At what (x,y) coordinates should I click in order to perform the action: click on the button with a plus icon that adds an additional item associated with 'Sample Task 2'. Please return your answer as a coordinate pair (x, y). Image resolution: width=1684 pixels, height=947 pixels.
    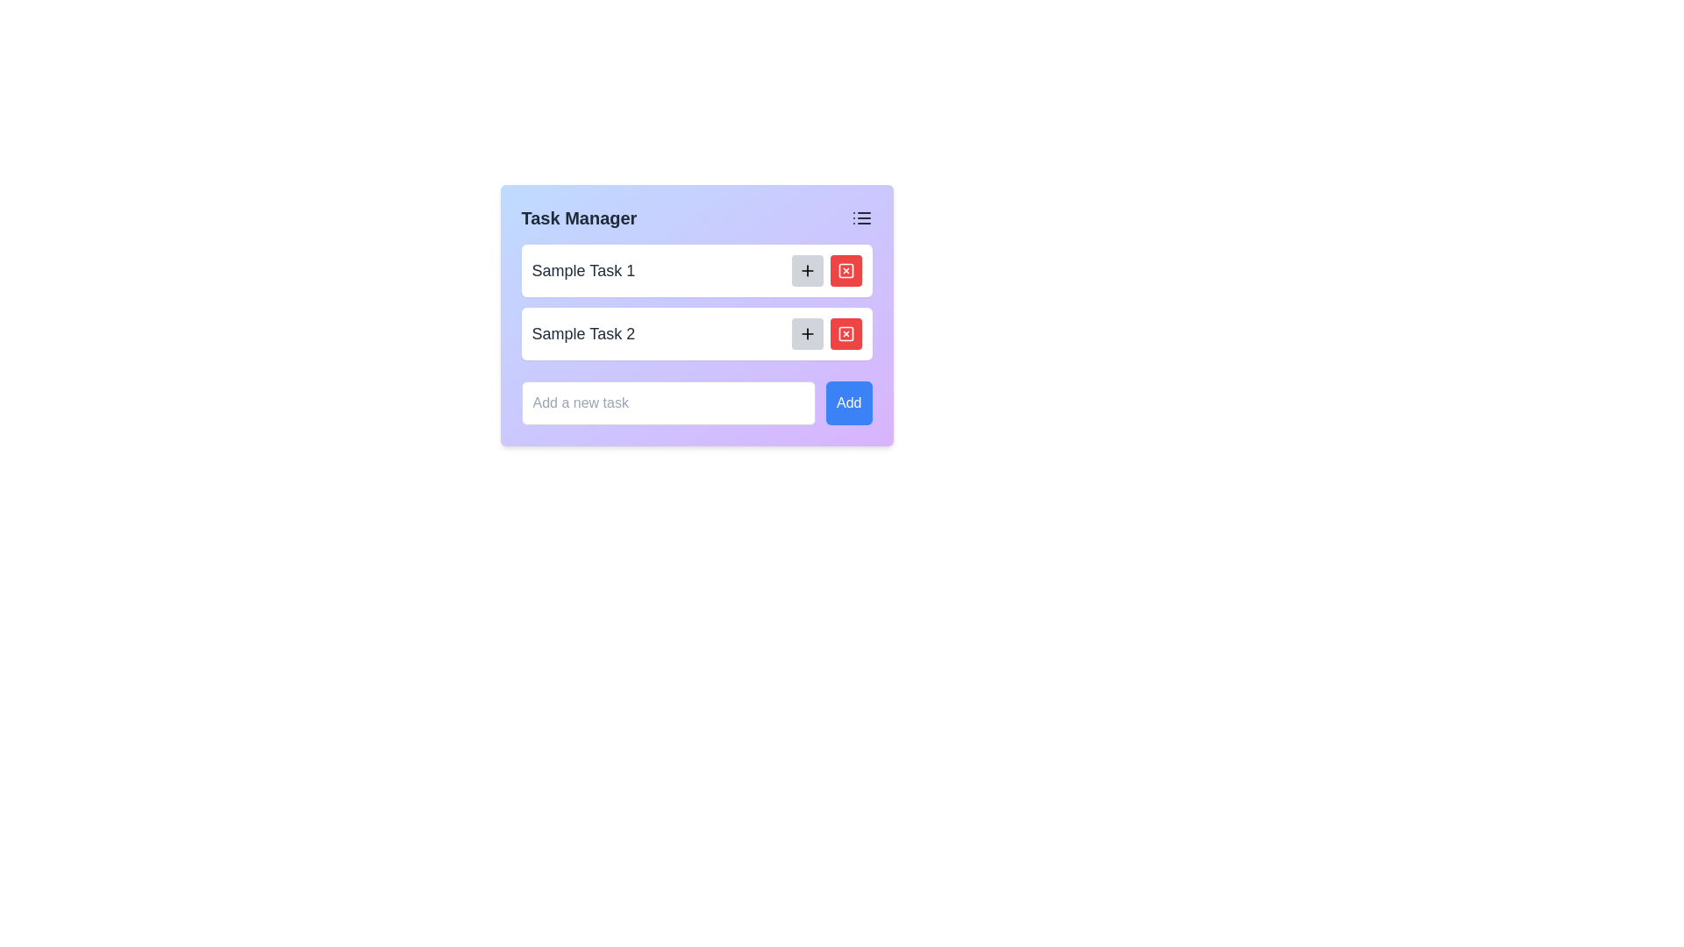
    Looking at the image, I should click on (806, 334).